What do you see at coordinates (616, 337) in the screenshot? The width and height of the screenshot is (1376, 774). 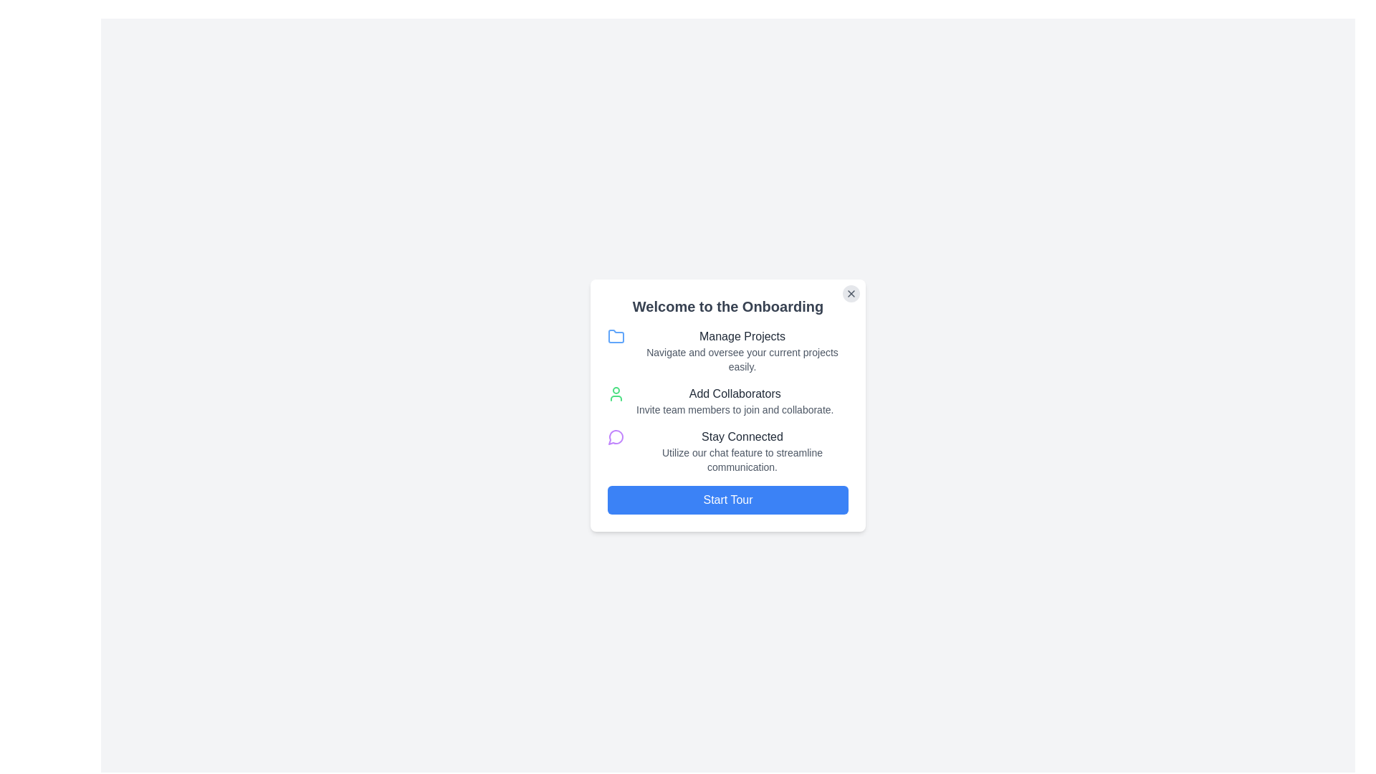 I see `the folder icon with a light blue outline located to the left of the 'Manage Projects' text in the onboarding modal` at bounding box center [616, 337].